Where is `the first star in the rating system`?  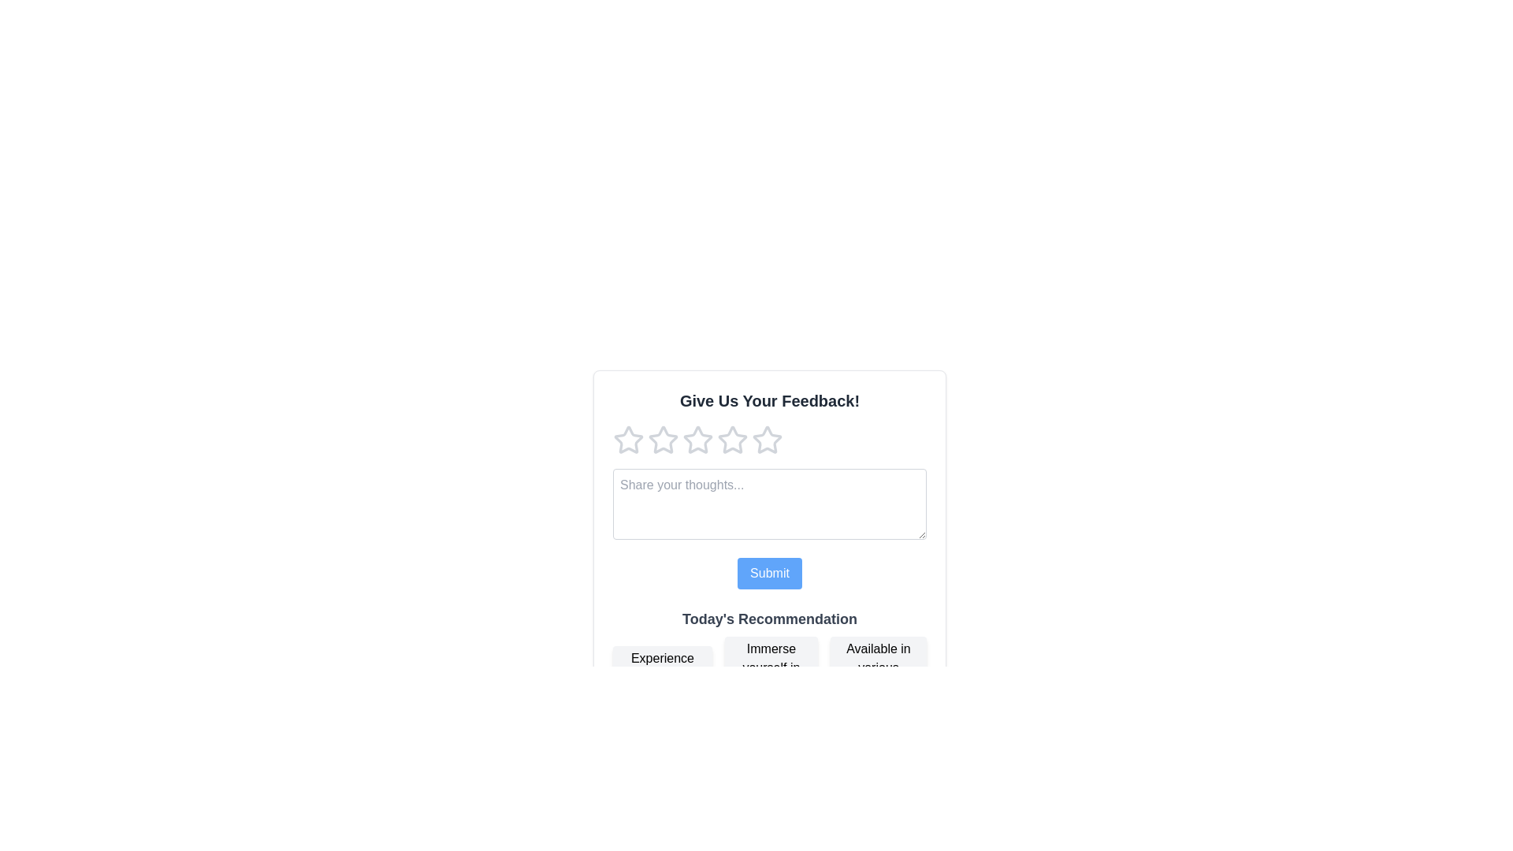 the first star in the rating system is located at coordinates (663, 440).